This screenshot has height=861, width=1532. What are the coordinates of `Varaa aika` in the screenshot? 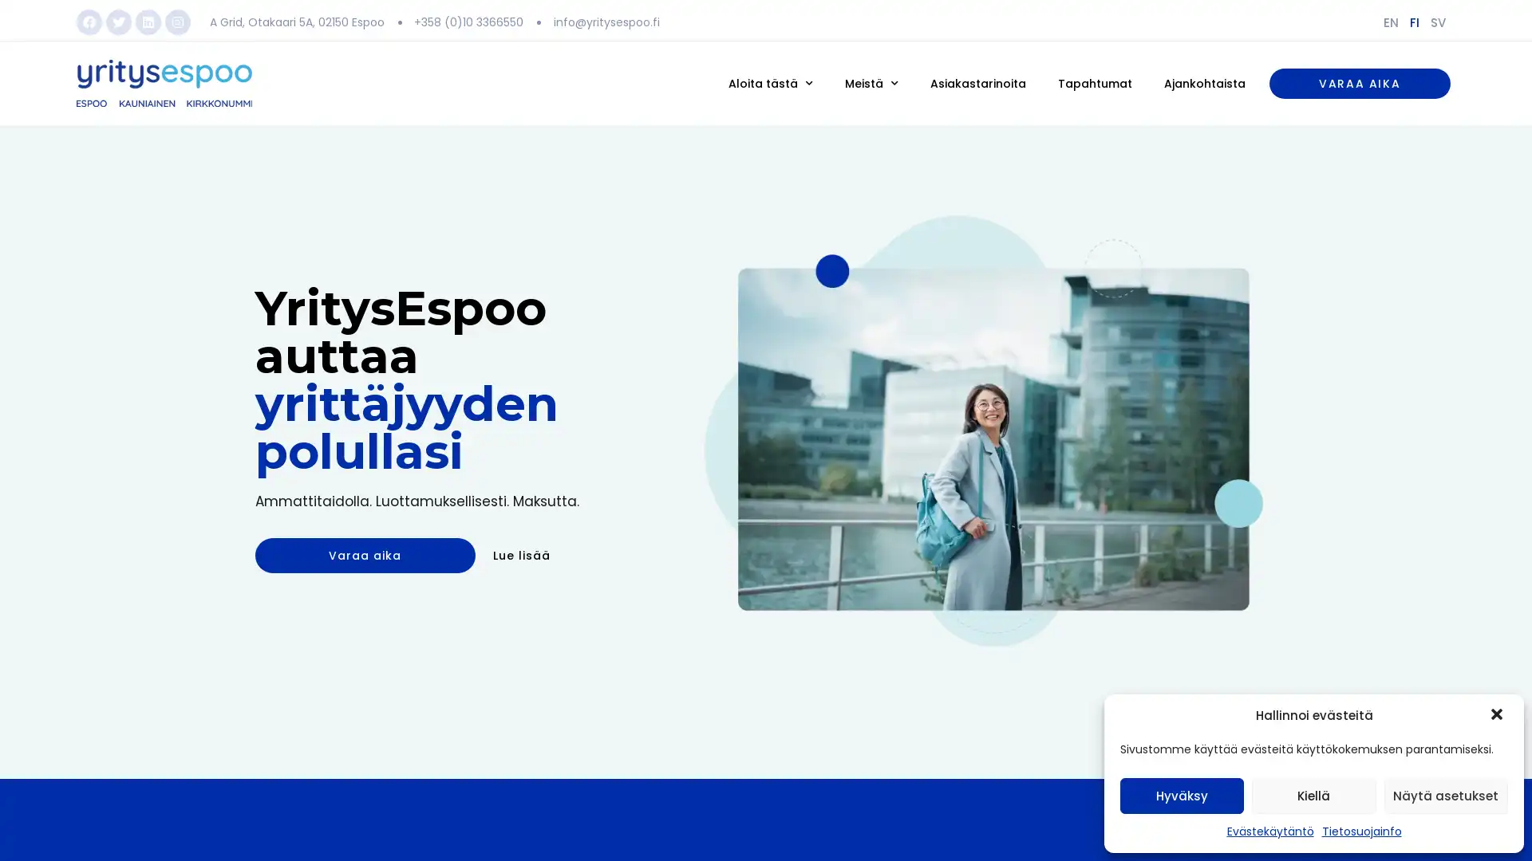 It's located at (364, 555).